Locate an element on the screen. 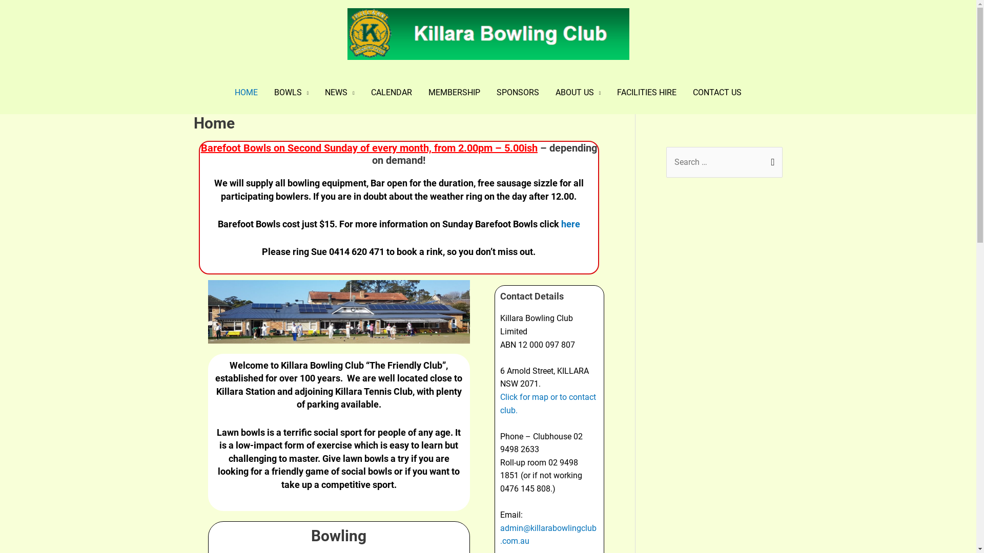 This screenshot has height=553, width=984. 'CONTACT US' is located at coordinates (716, 93).